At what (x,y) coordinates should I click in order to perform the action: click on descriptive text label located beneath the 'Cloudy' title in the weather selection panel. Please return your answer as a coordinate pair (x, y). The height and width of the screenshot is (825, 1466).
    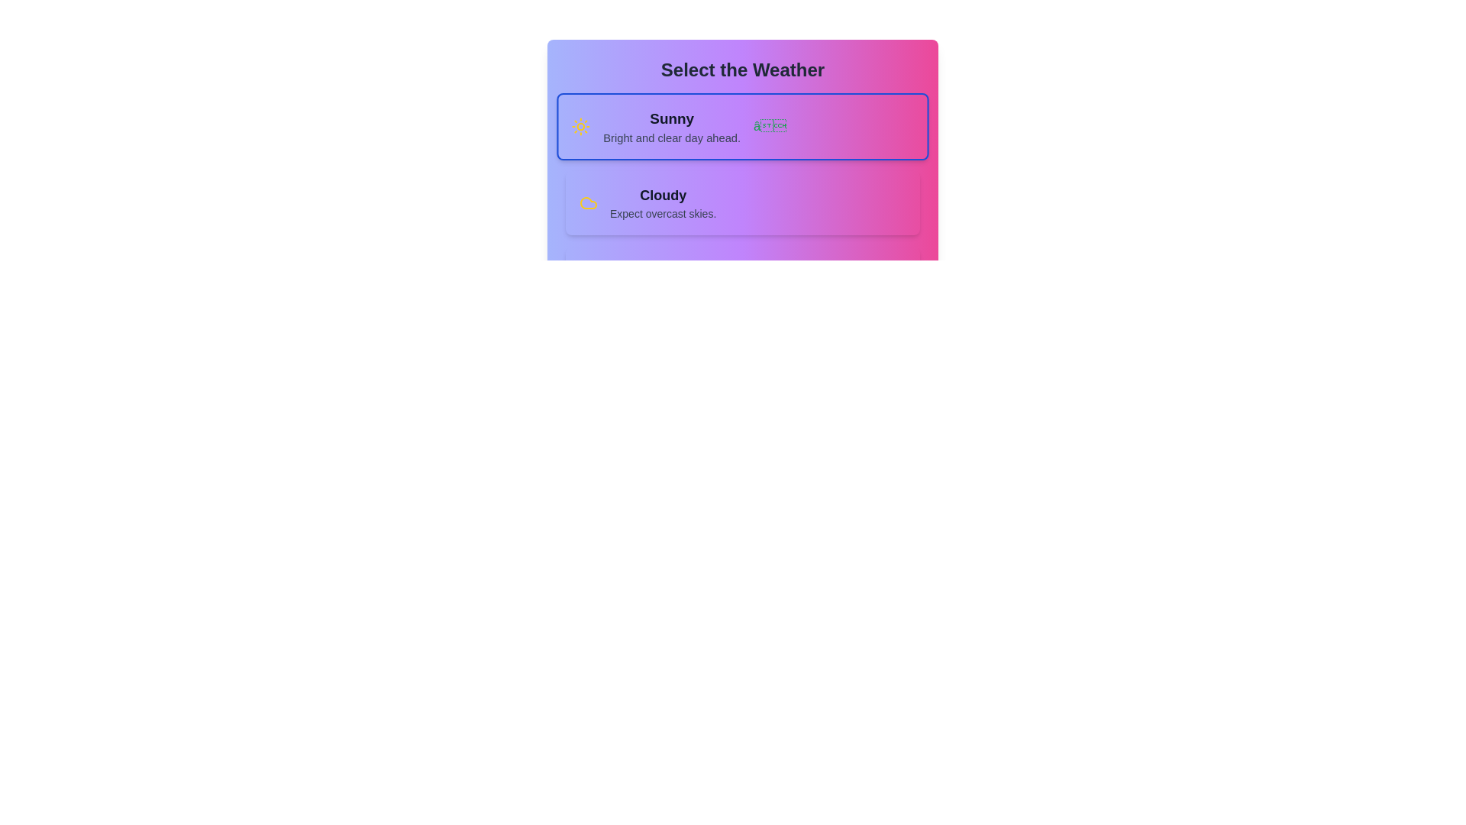
    Looking at the image, I should click on (663, 214).